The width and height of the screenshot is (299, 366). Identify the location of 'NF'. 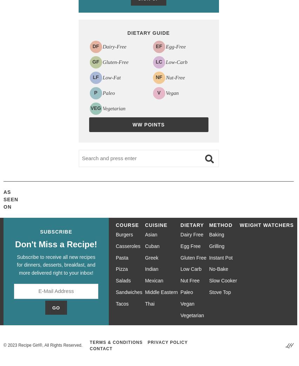
(158, 77).